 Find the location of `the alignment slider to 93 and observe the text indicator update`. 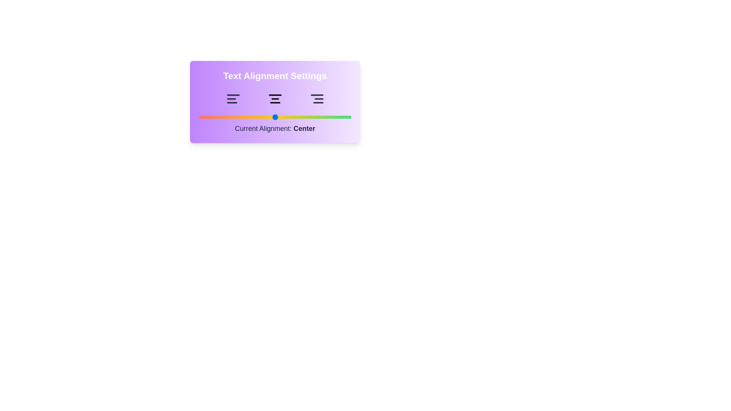

the alignment slider to 93 and observe the text indicator update is located at coordinates (340, 117).